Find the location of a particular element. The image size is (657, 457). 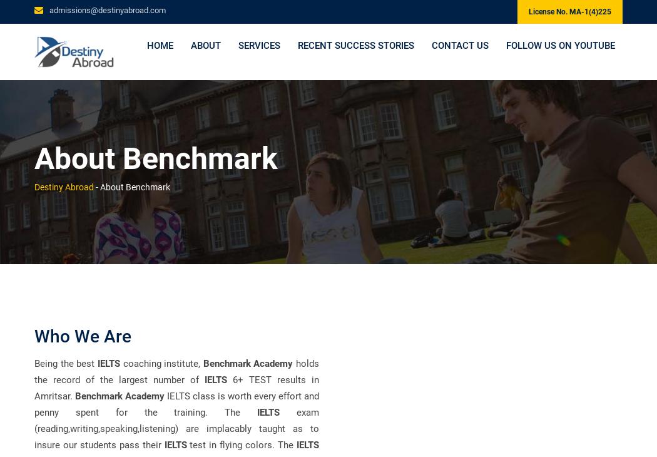

'exam (reading,writing,speaking,listening) are implacably taught as to insure our students pass their' is located at coordinates (176, 428).